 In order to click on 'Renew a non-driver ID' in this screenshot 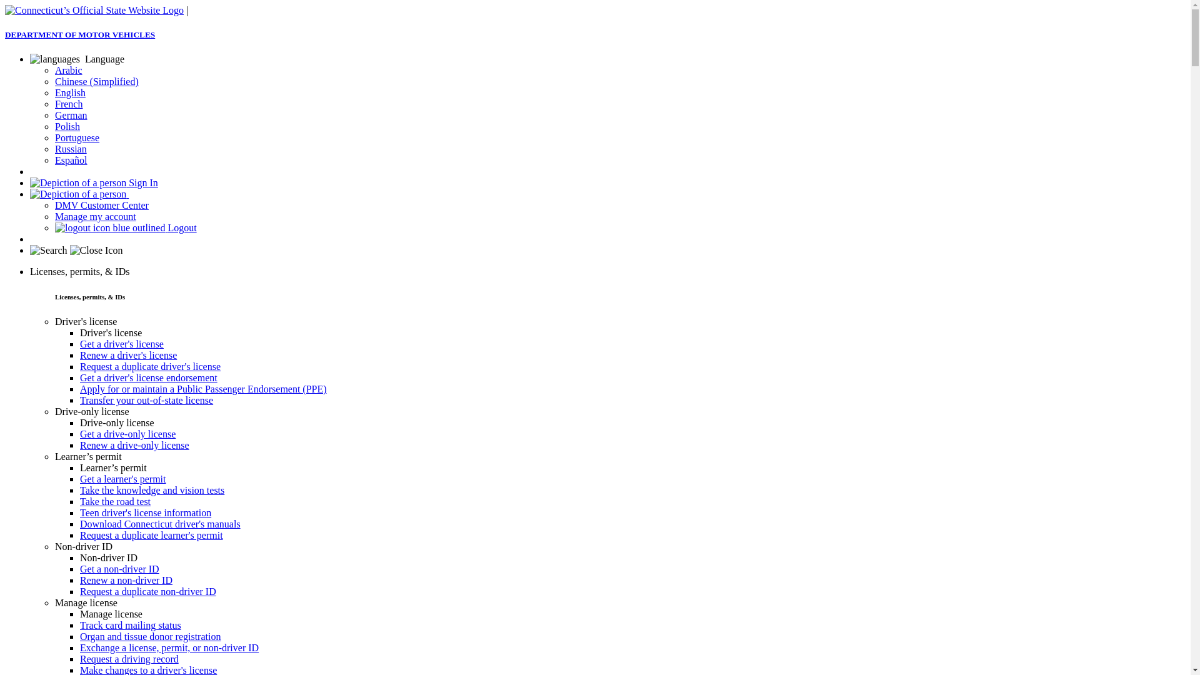, I will do `click(126, 580)`.